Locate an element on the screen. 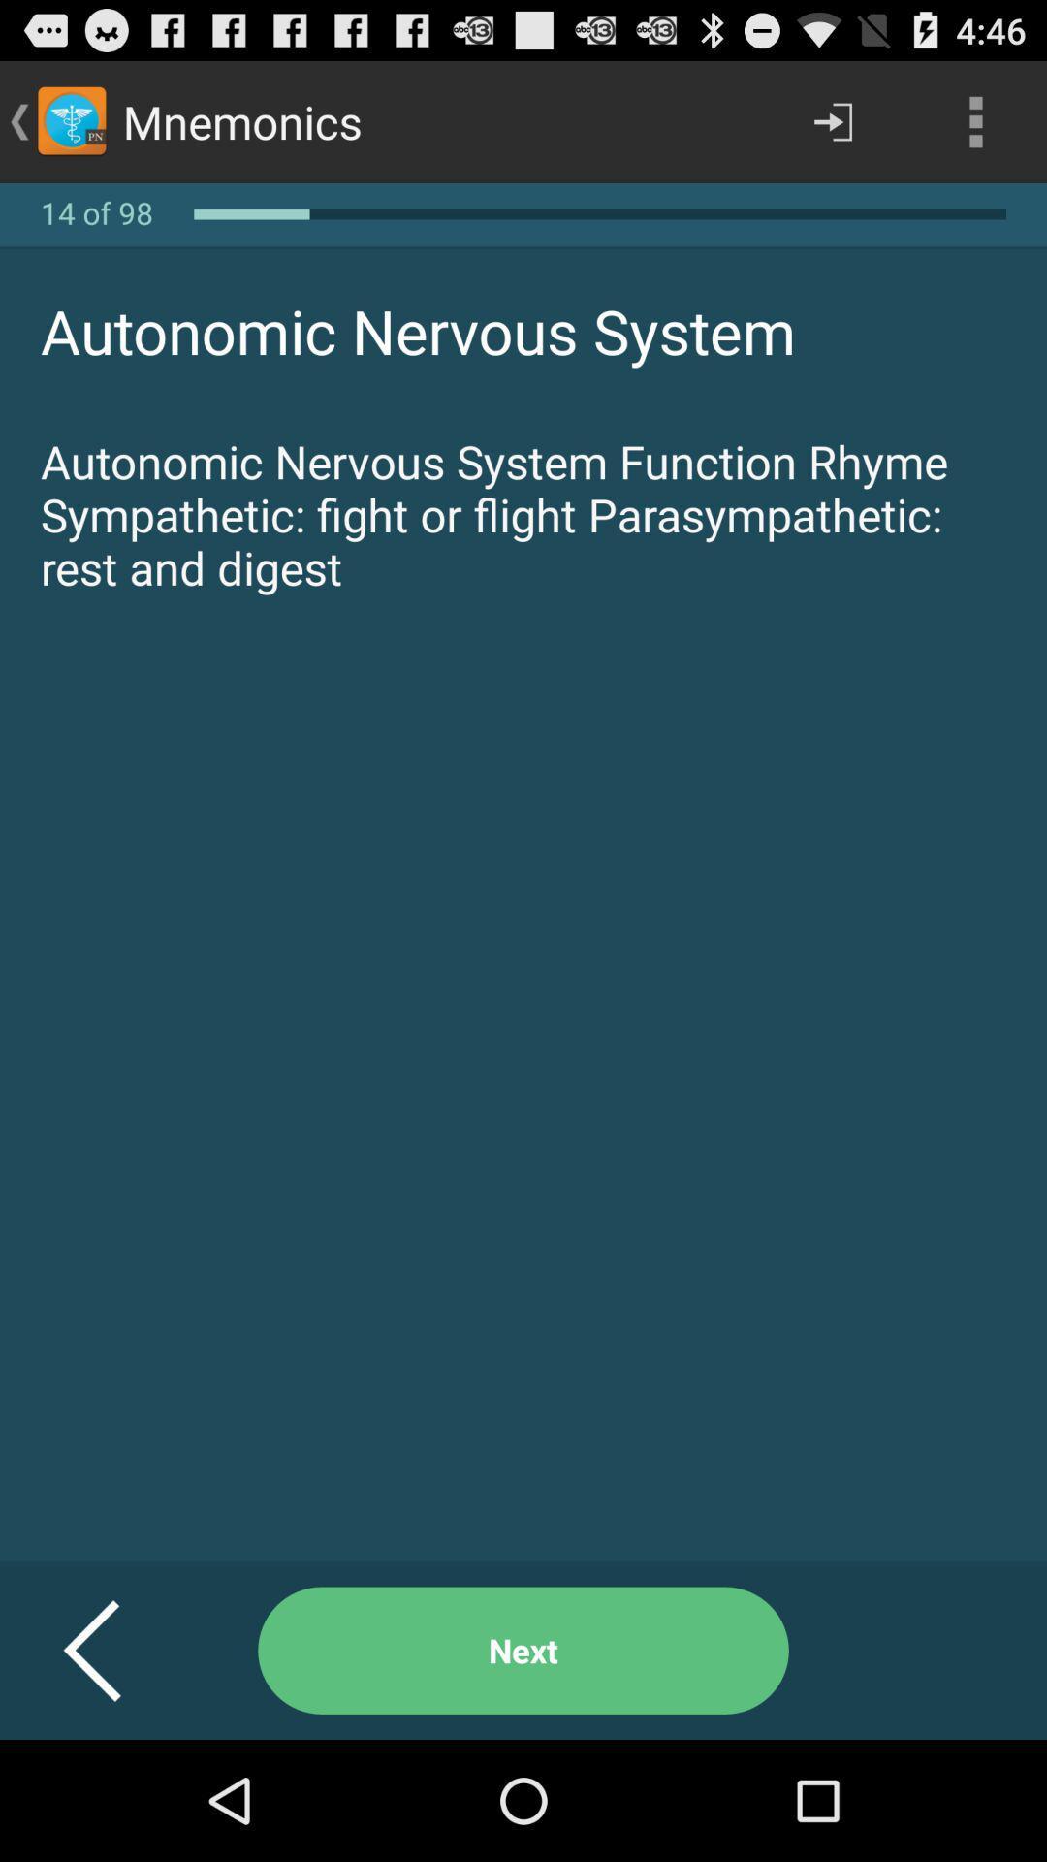  the icon below the autonomic nervous system is located at coordinates (115, 1650).